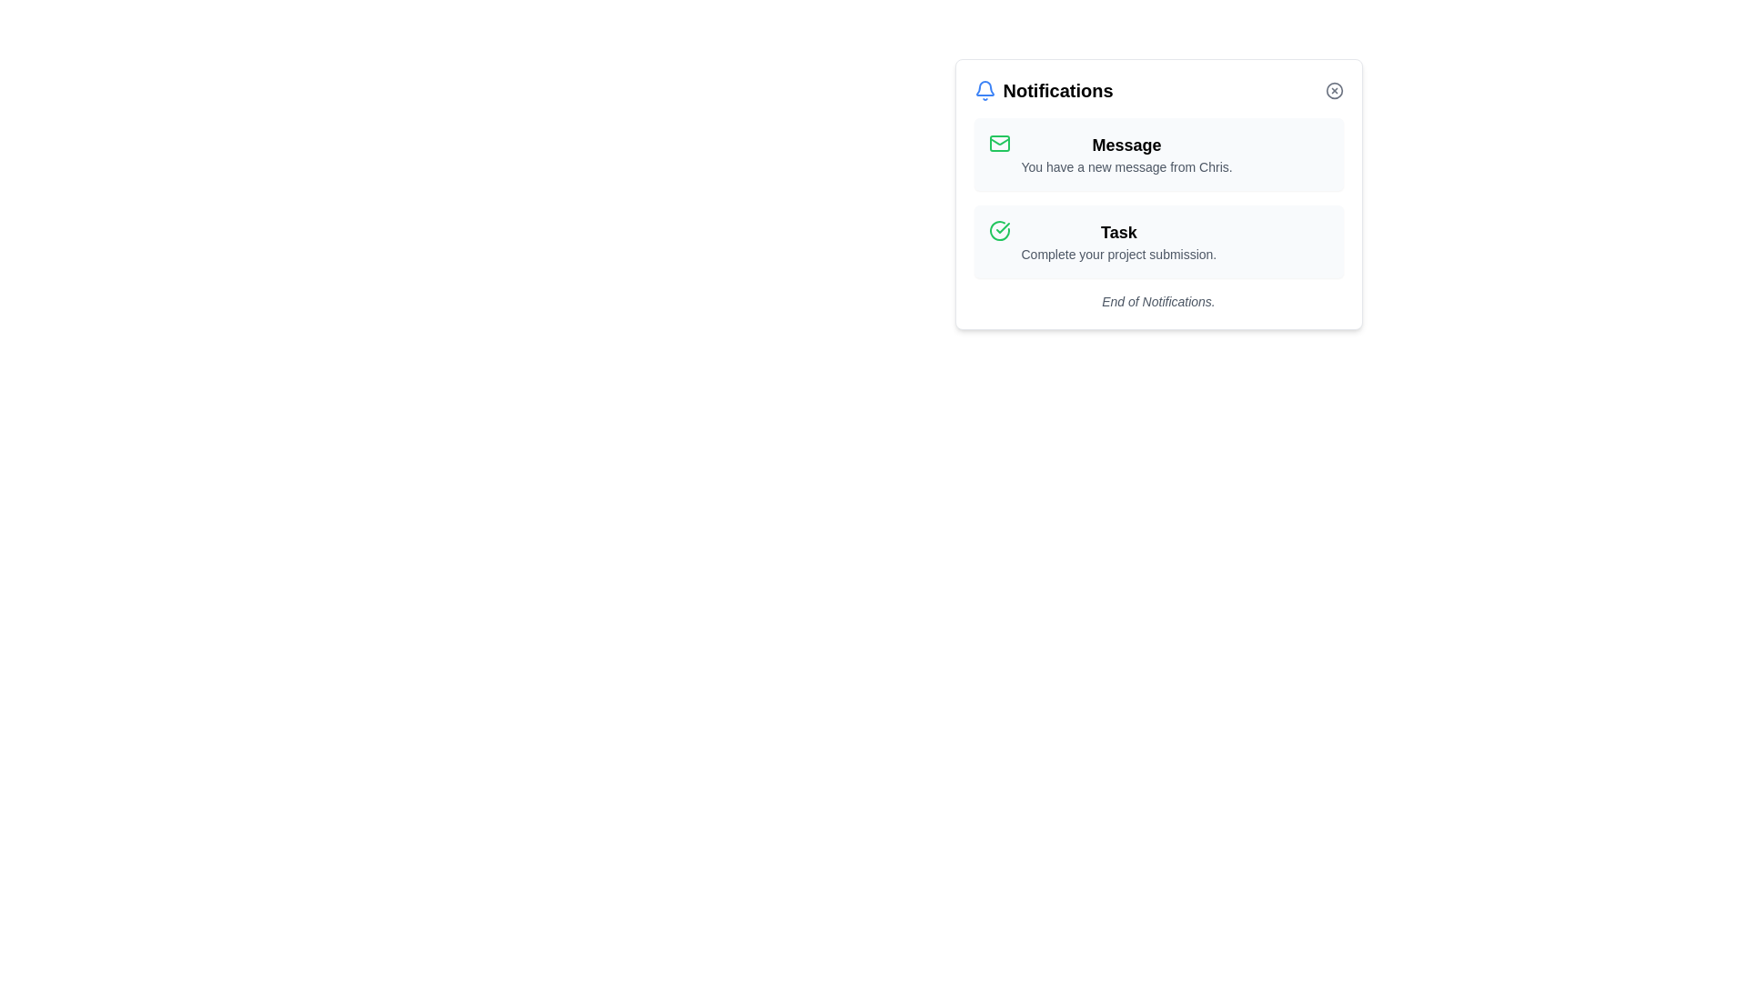 This screenshot has width=1747, height=982. Describe the element at coordinates (998, 140) in the screenshot. I see `the styling of the green envelope icon located within the notification box, positioned to the left of the 'Message' label under the 'Notifications' heading` at that location.